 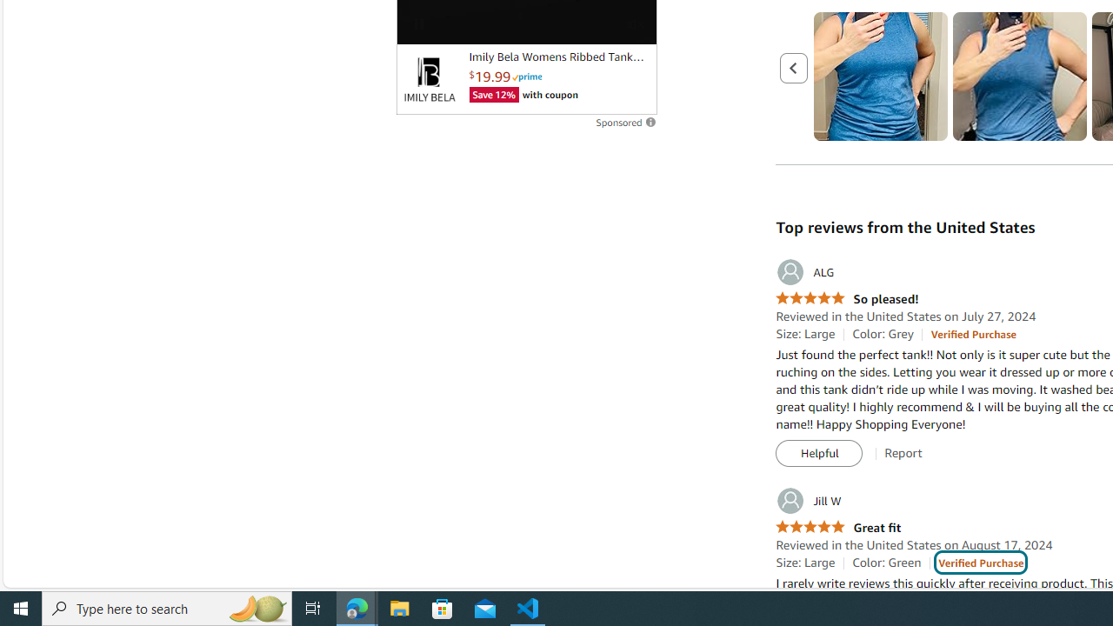 I want to click on '5.0 out of 5 stars Great fit', so click(x=838, y=527).